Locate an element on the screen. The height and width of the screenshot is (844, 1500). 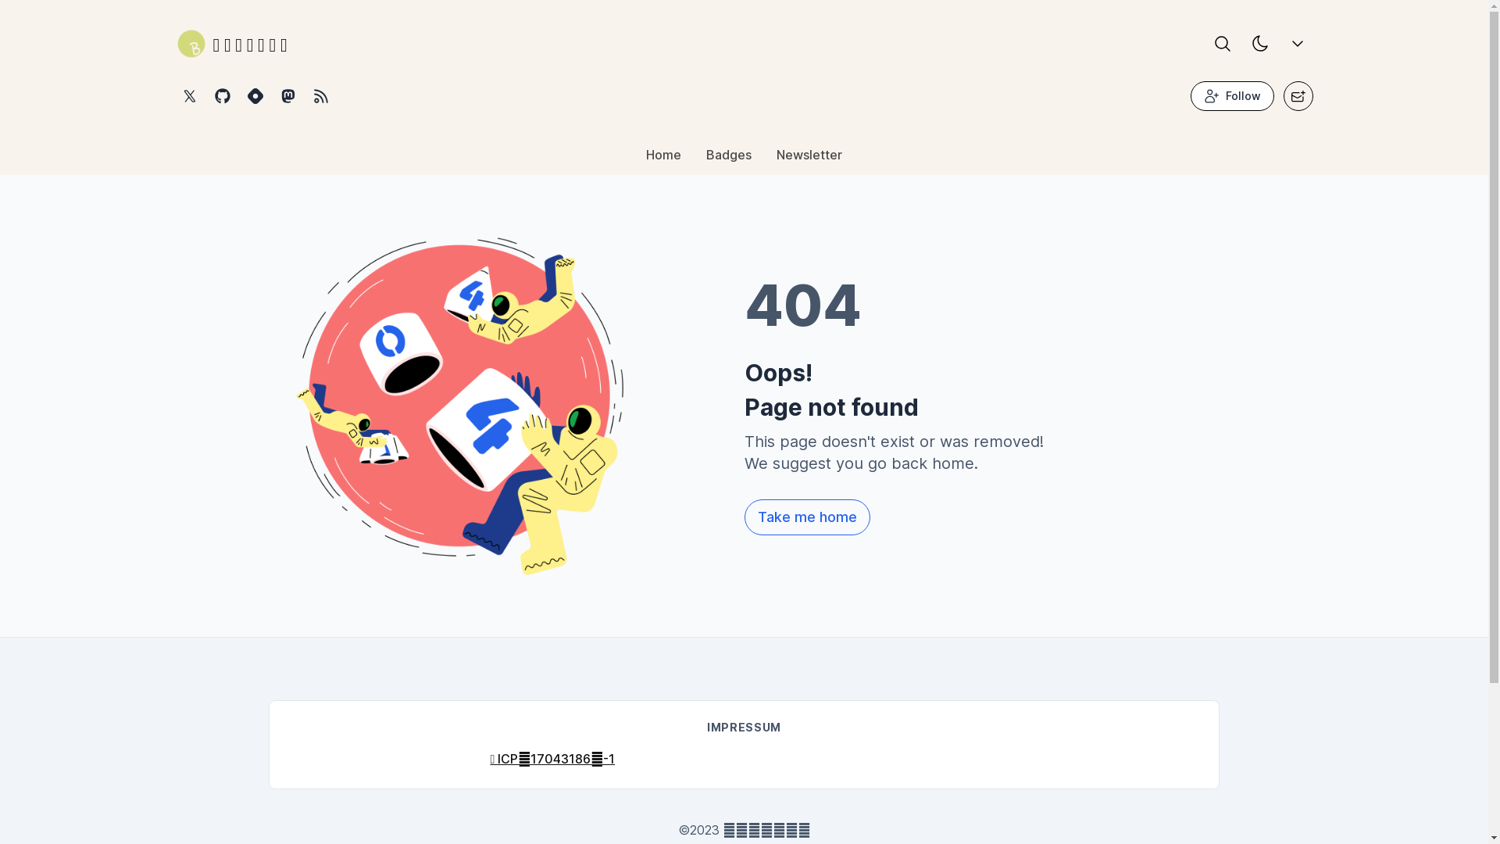
'Home' is located at coordinates (634, 159).